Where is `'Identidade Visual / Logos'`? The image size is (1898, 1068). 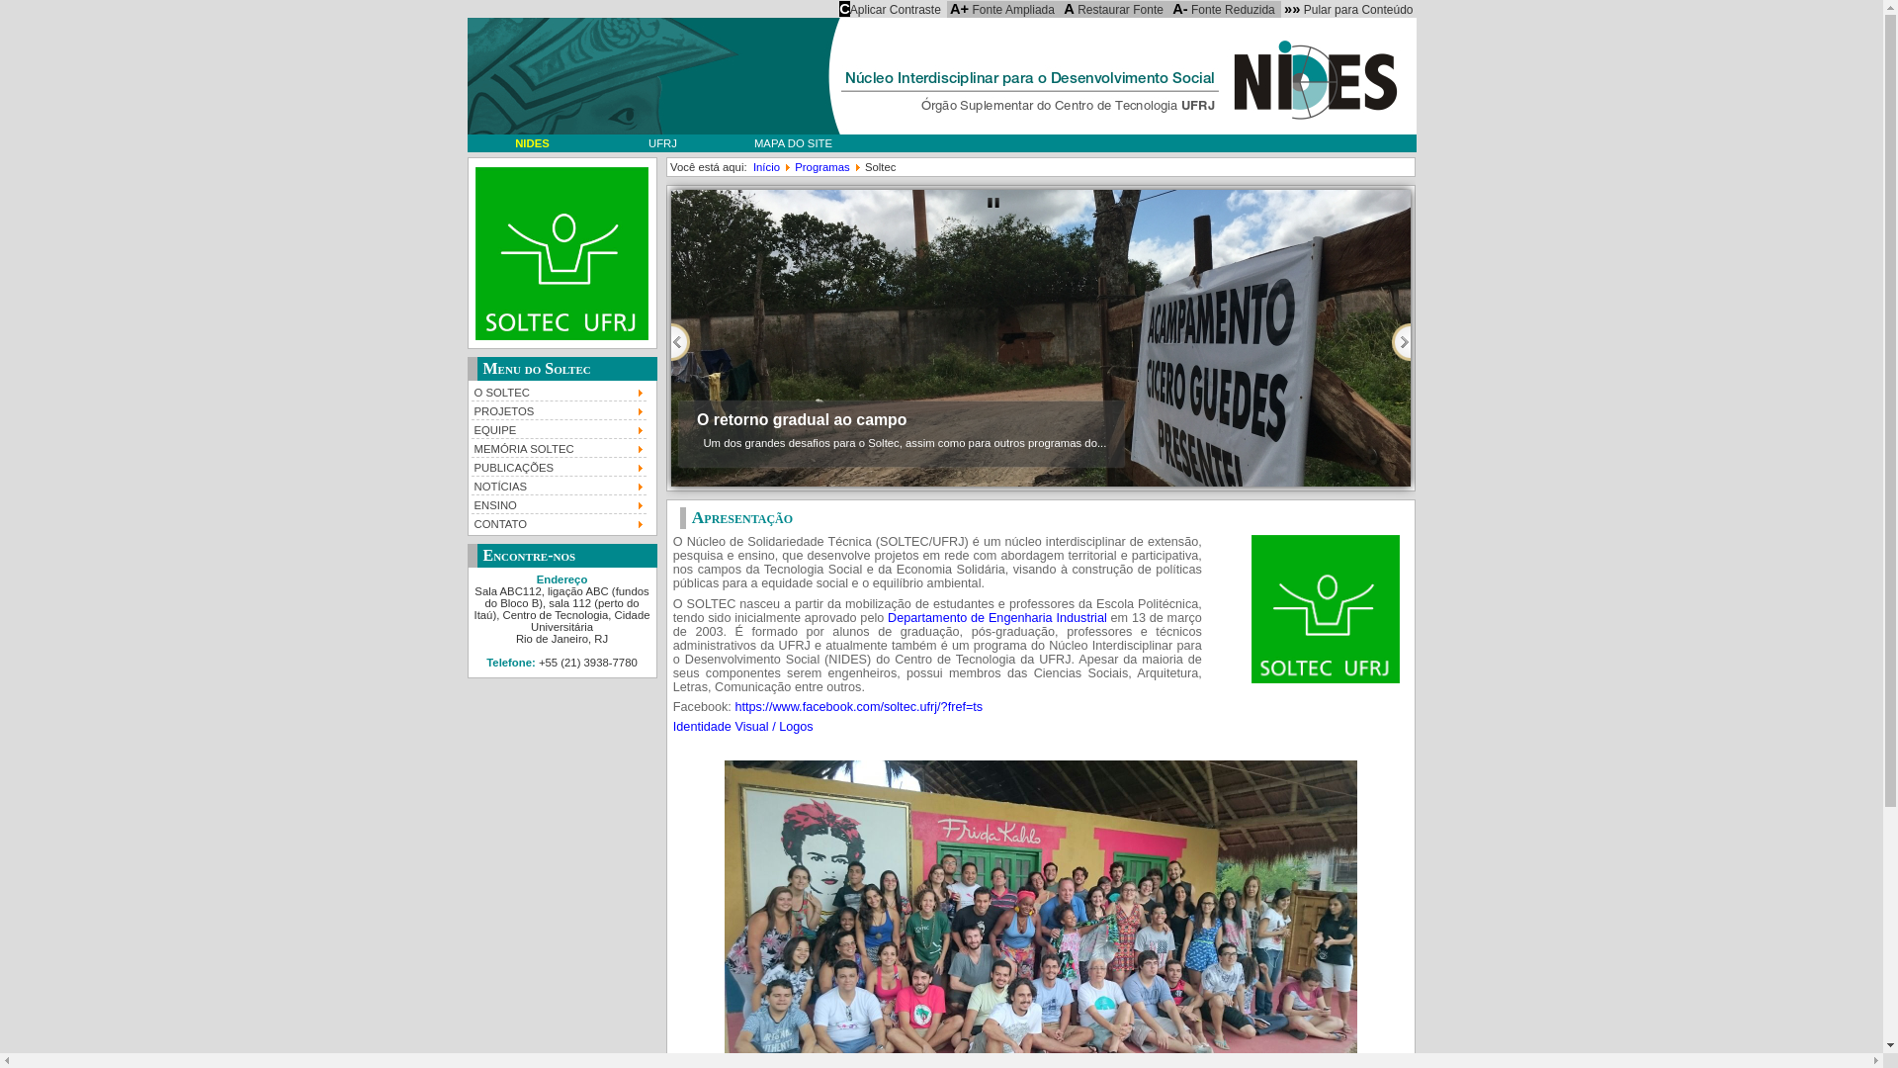
'Identidade Visual / Logos' is located at coordinates (673, 727).